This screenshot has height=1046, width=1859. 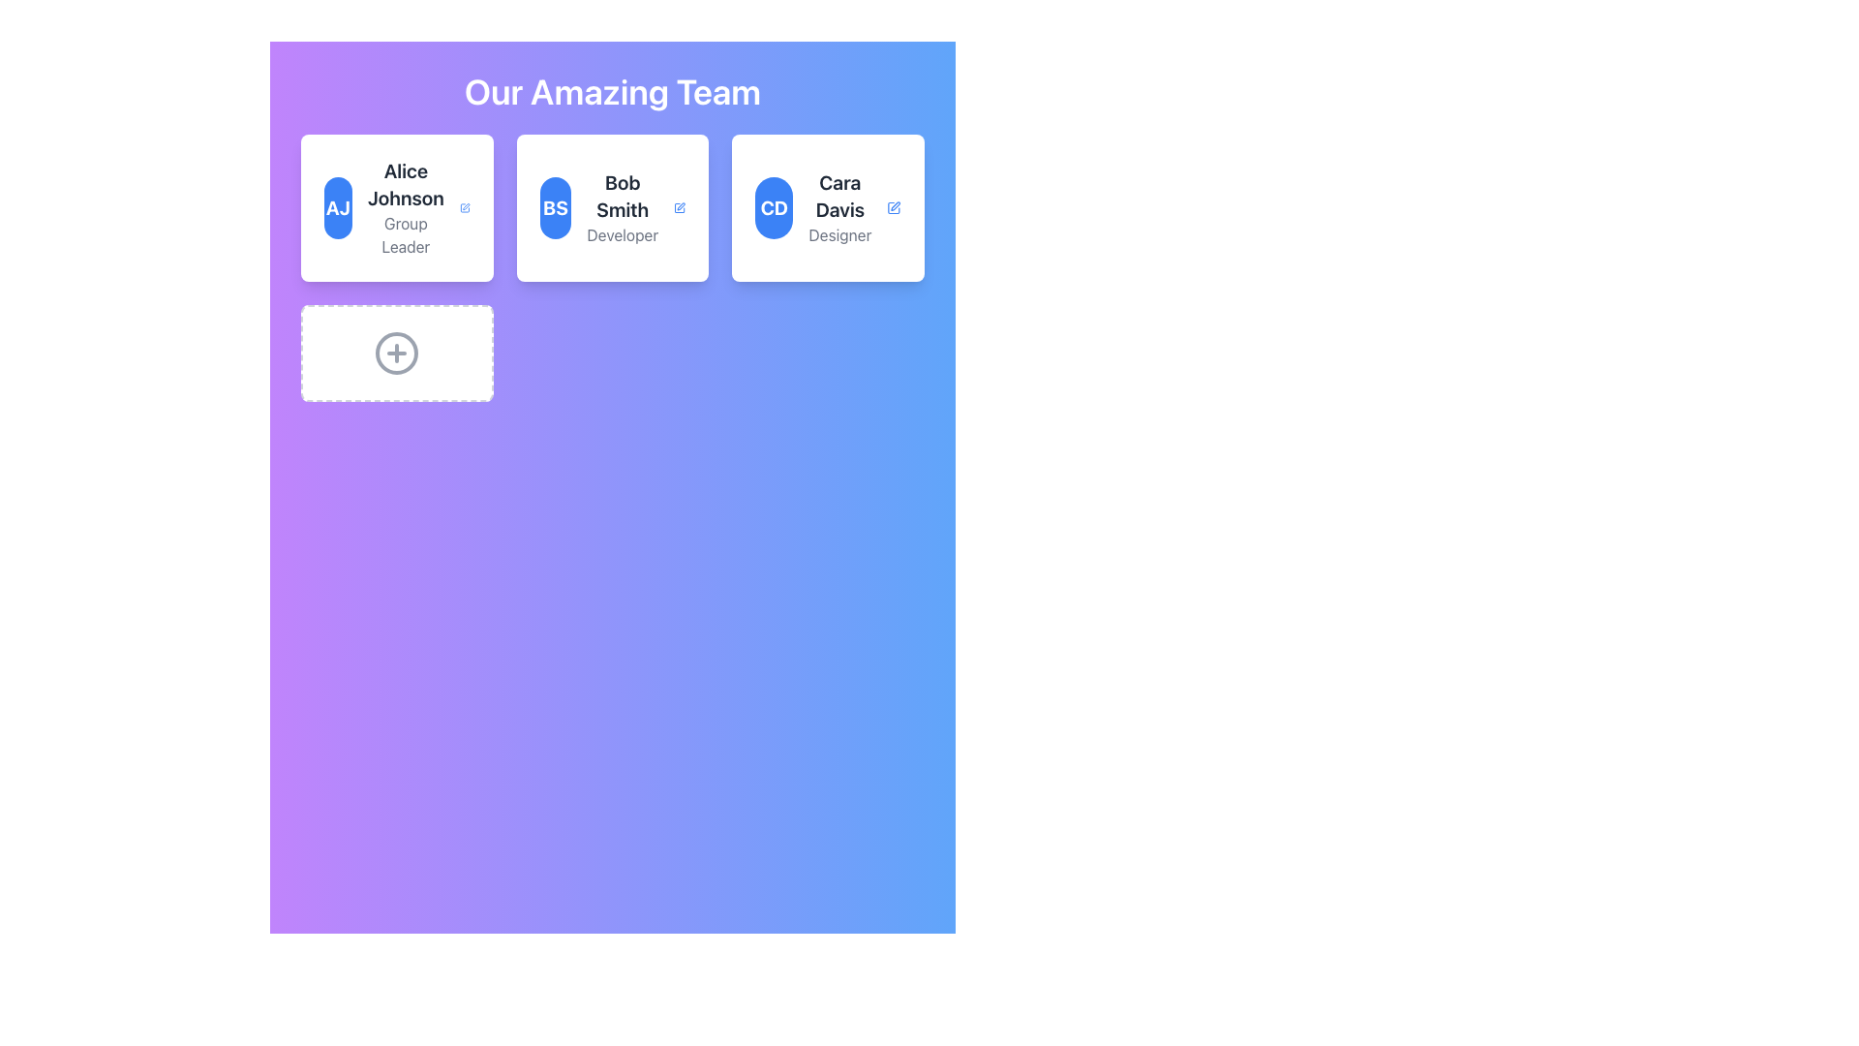 What do you see at coordinates (623, 208) in the screenshot?
I see `the text block containing 'Bob Smith' and 'Developer', which is located in the second card of the team member list` at bounding box center [623, 208].